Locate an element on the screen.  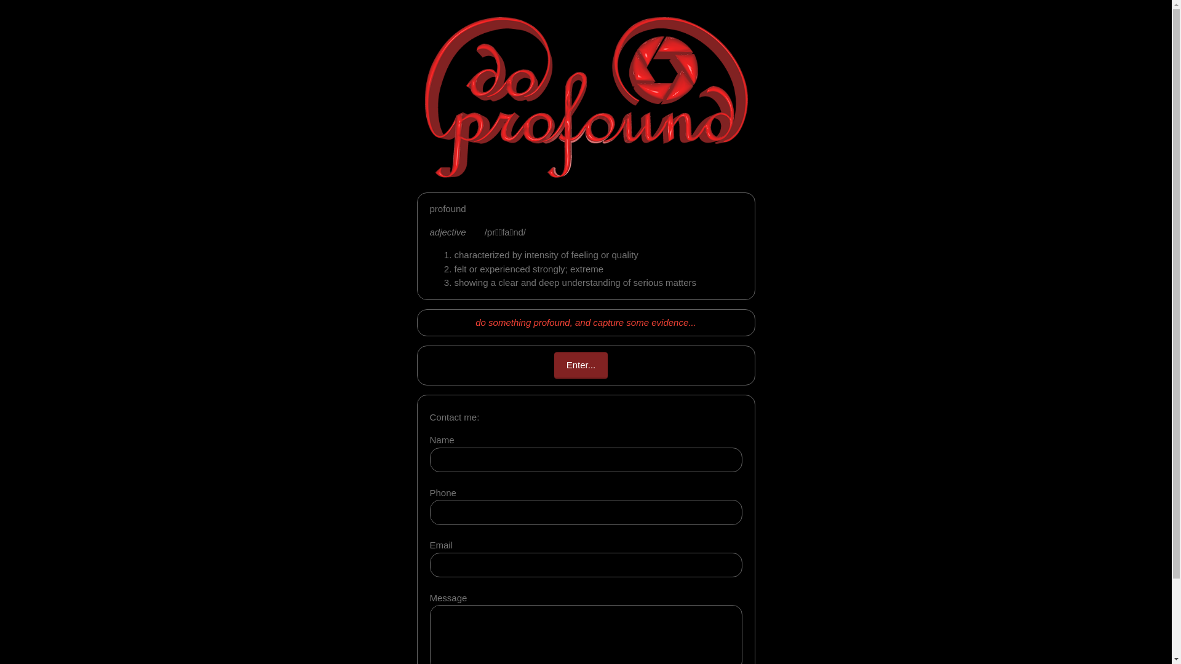
'Enter...' is located at coordinates (581, 365).